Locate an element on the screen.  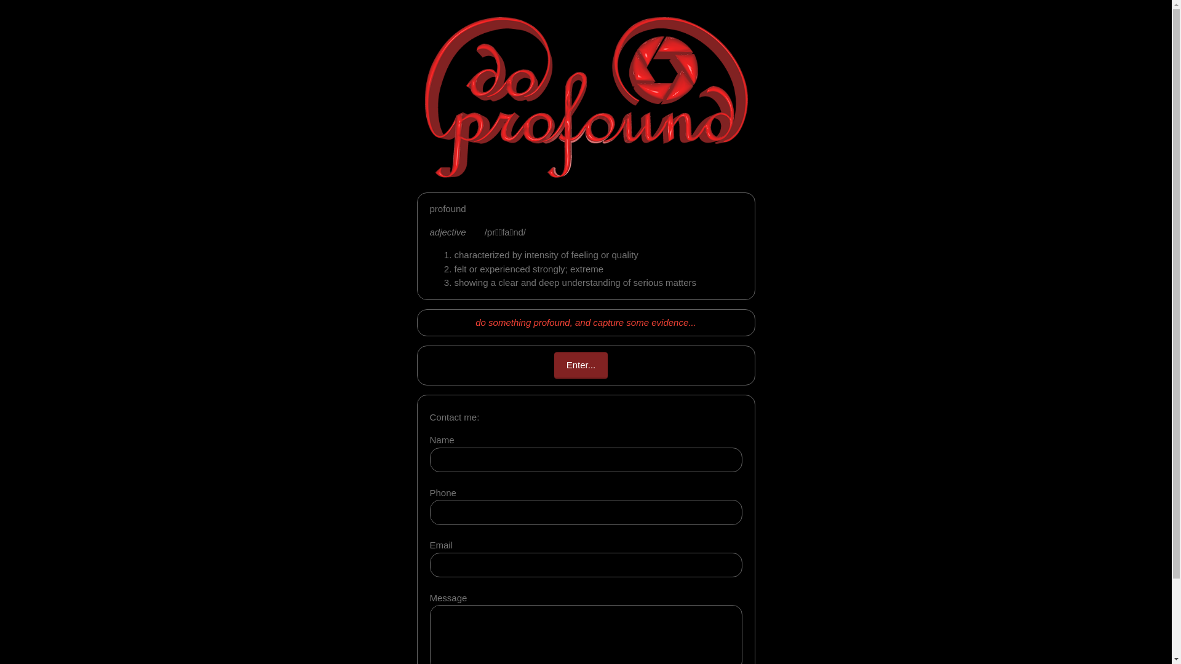
'Enter...' is located at coordinates (581, 365).